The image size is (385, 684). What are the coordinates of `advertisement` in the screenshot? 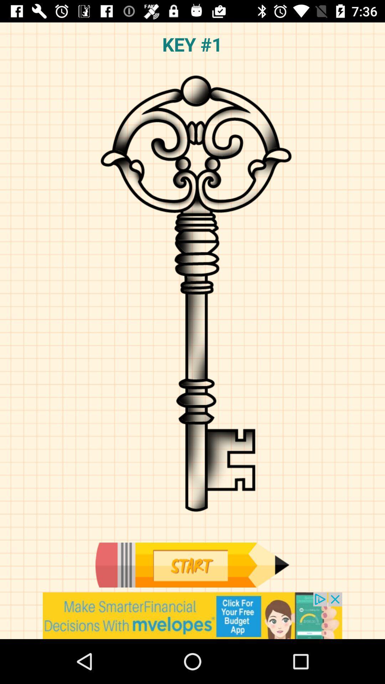 It's located at (192, 615).